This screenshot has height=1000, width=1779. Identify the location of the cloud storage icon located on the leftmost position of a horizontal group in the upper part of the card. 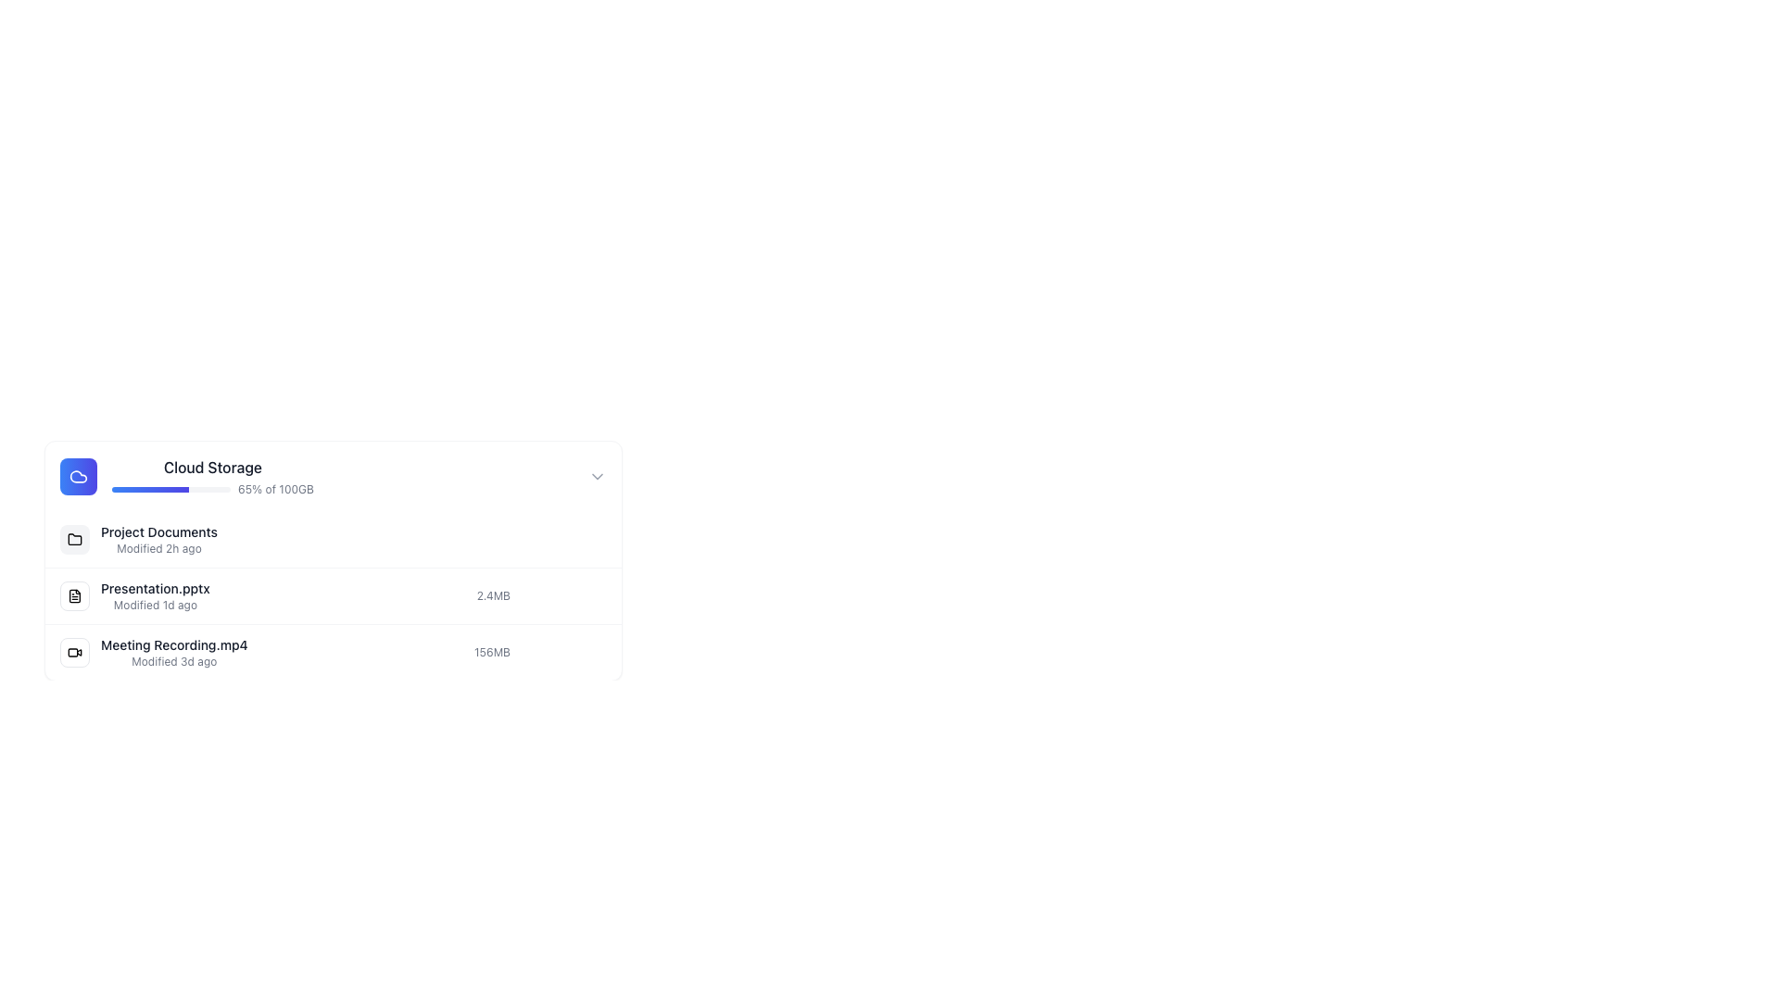
(78, 476).